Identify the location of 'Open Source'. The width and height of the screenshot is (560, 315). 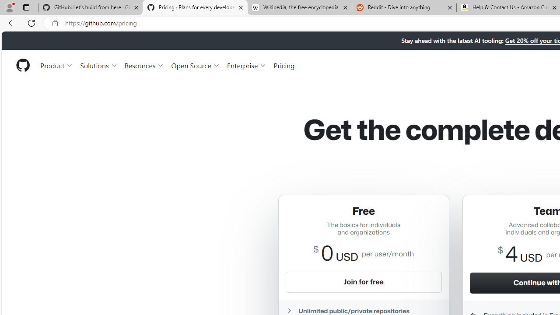
(195, 65).